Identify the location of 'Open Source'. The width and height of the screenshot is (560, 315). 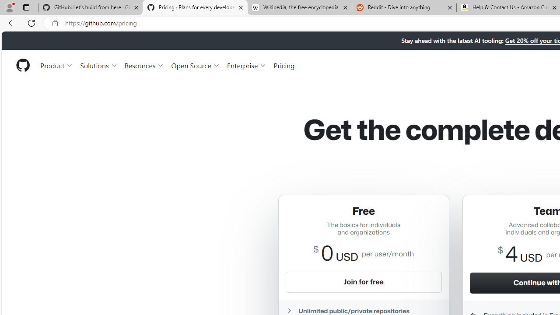
(195, 65).